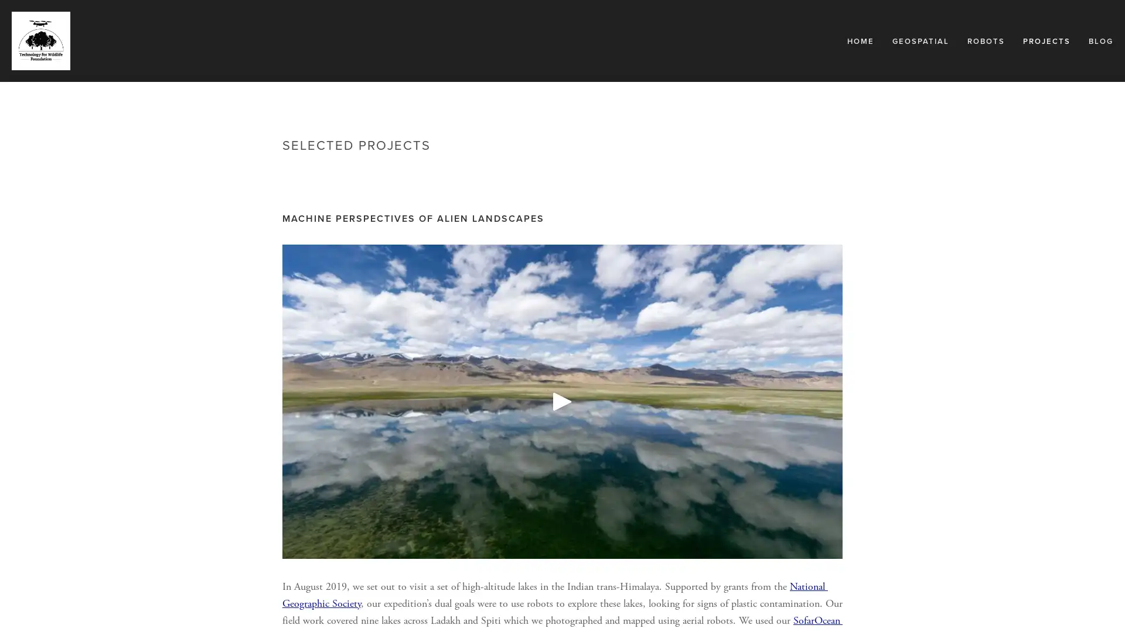  I want to click on Play, so click(562, 401).